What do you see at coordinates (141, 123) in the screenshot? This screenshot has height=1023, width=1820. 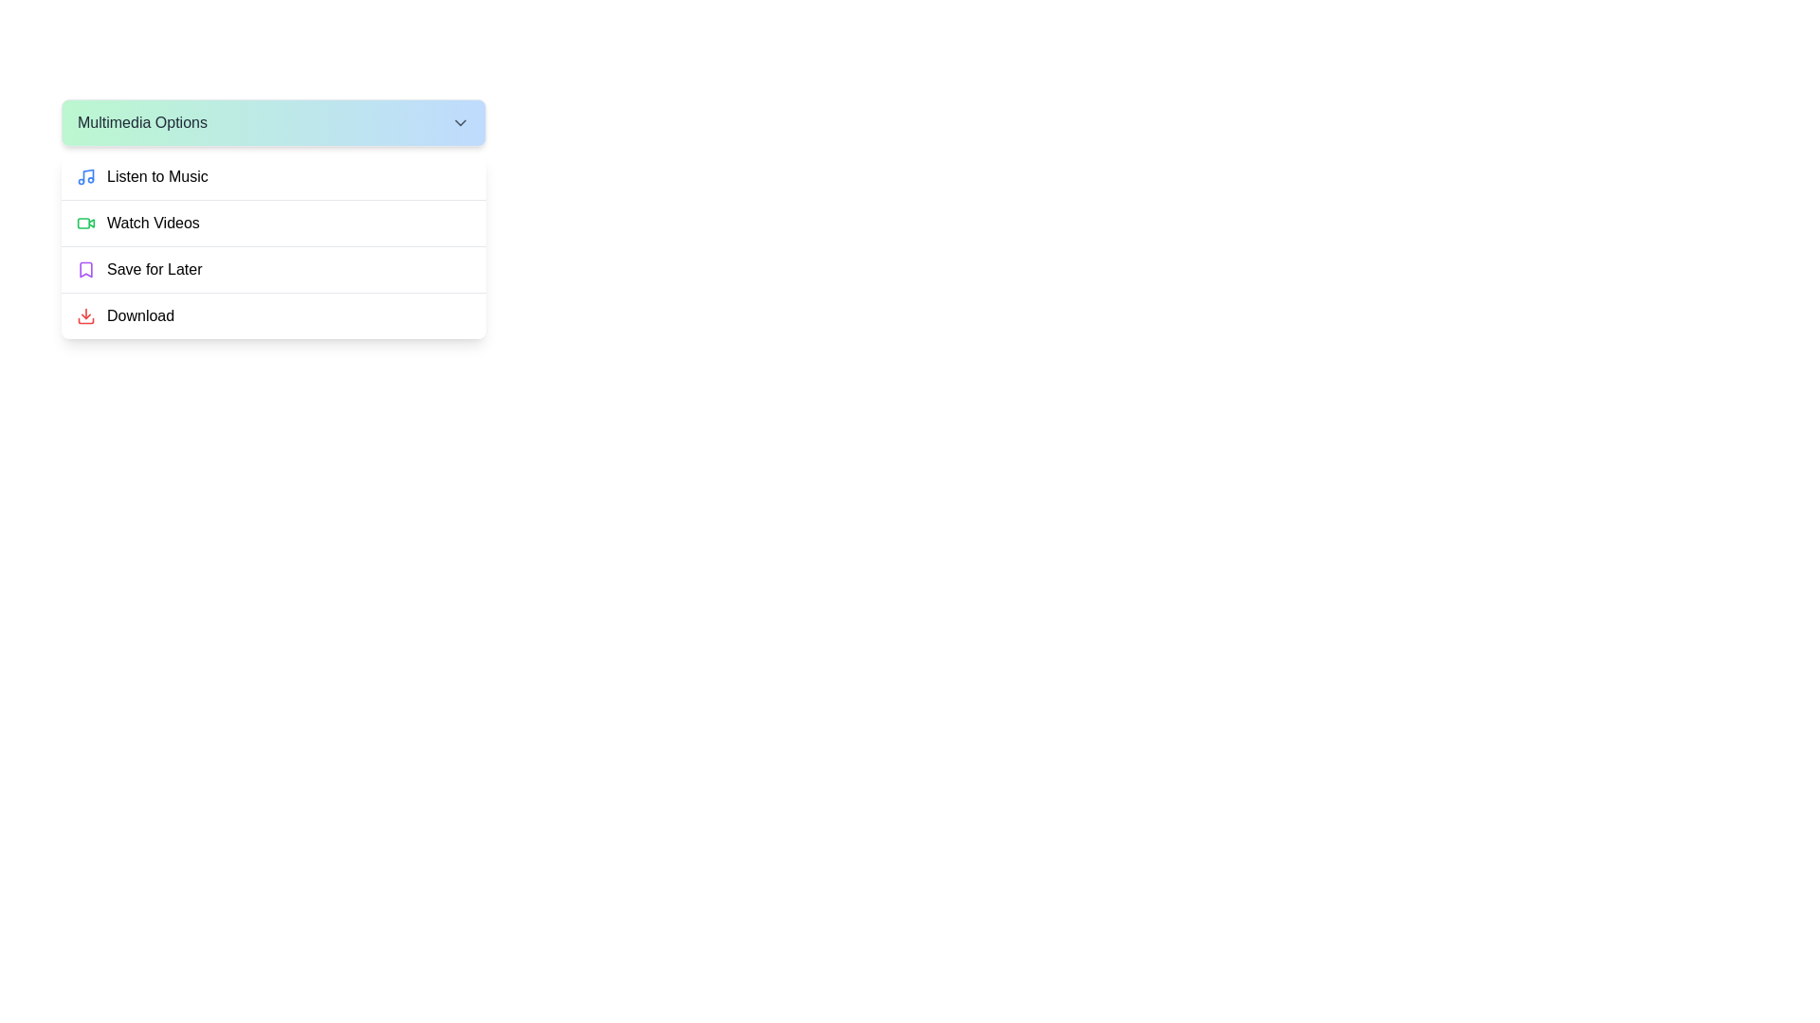 I see `the static text label that serves as the title for the dropdown menu, located at the top-left corner of the dropdown header` at bounding box center [141, 123].